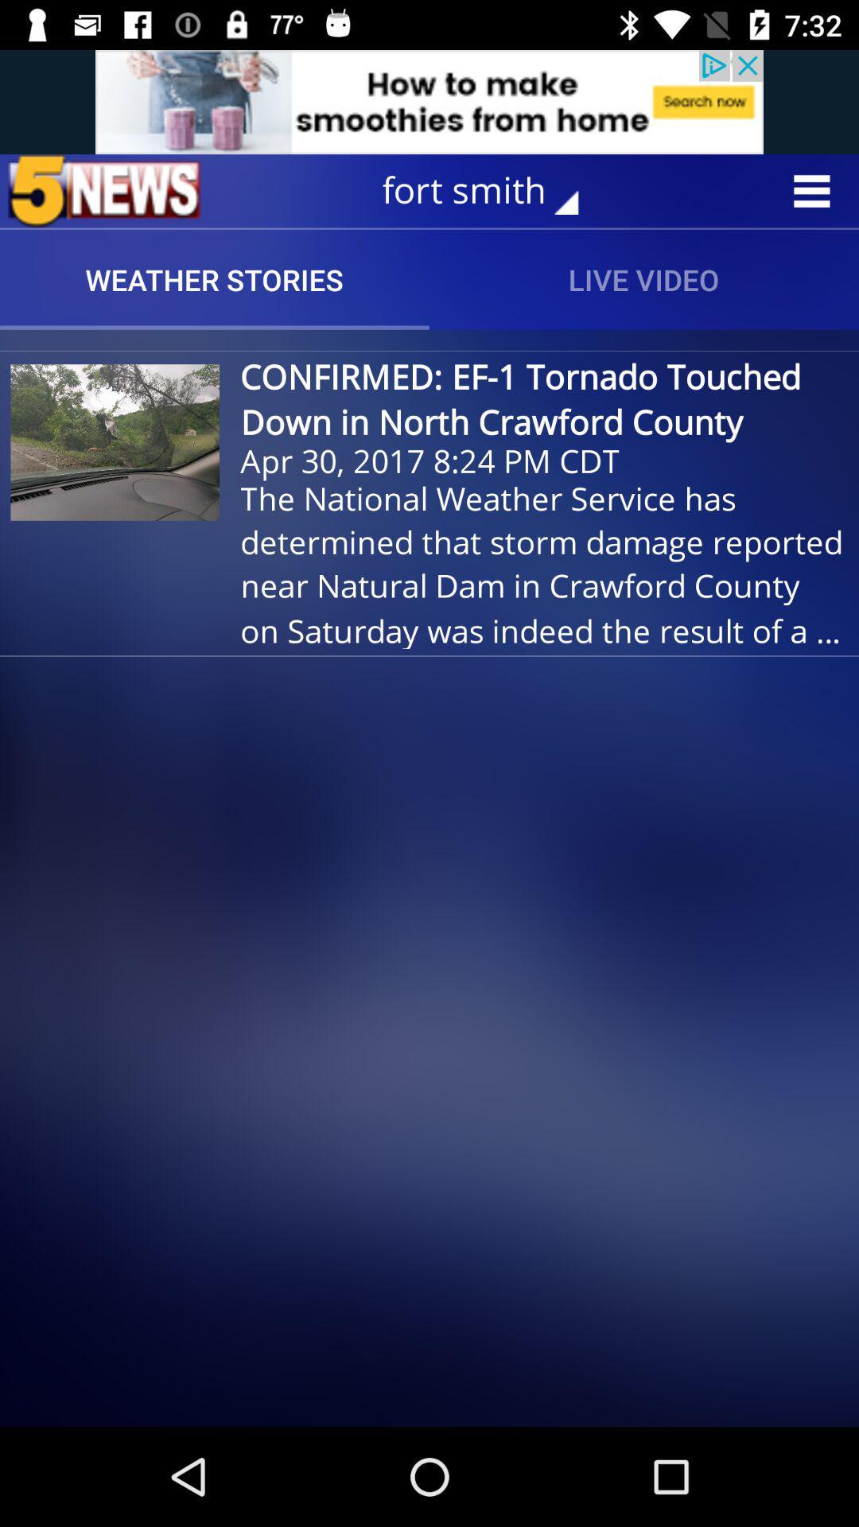 This screenshot has height=1527, width=859. I want to click on main page, so click(104, 191).